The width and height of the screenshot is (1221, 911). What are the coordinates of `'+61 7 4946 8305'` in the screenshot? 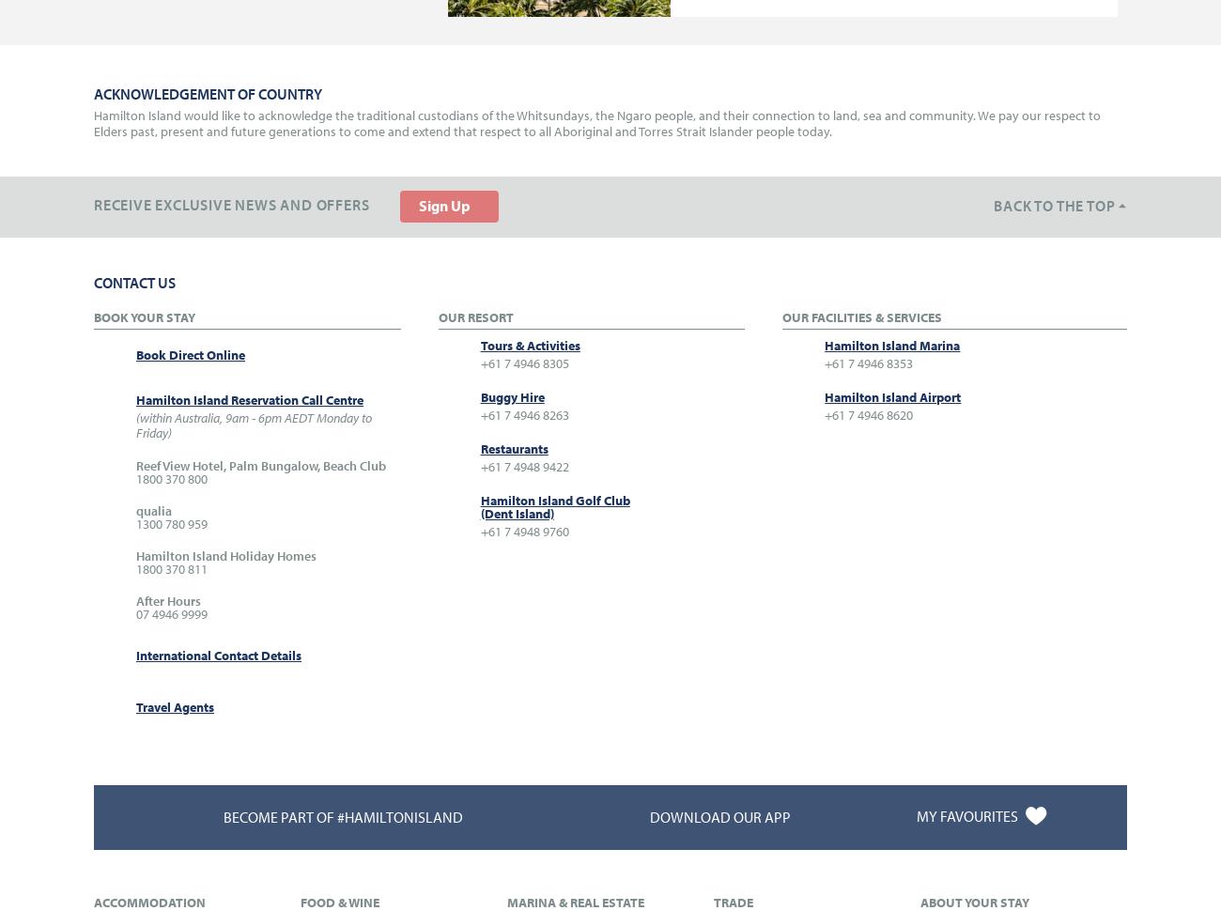 It's located at (522, 361).